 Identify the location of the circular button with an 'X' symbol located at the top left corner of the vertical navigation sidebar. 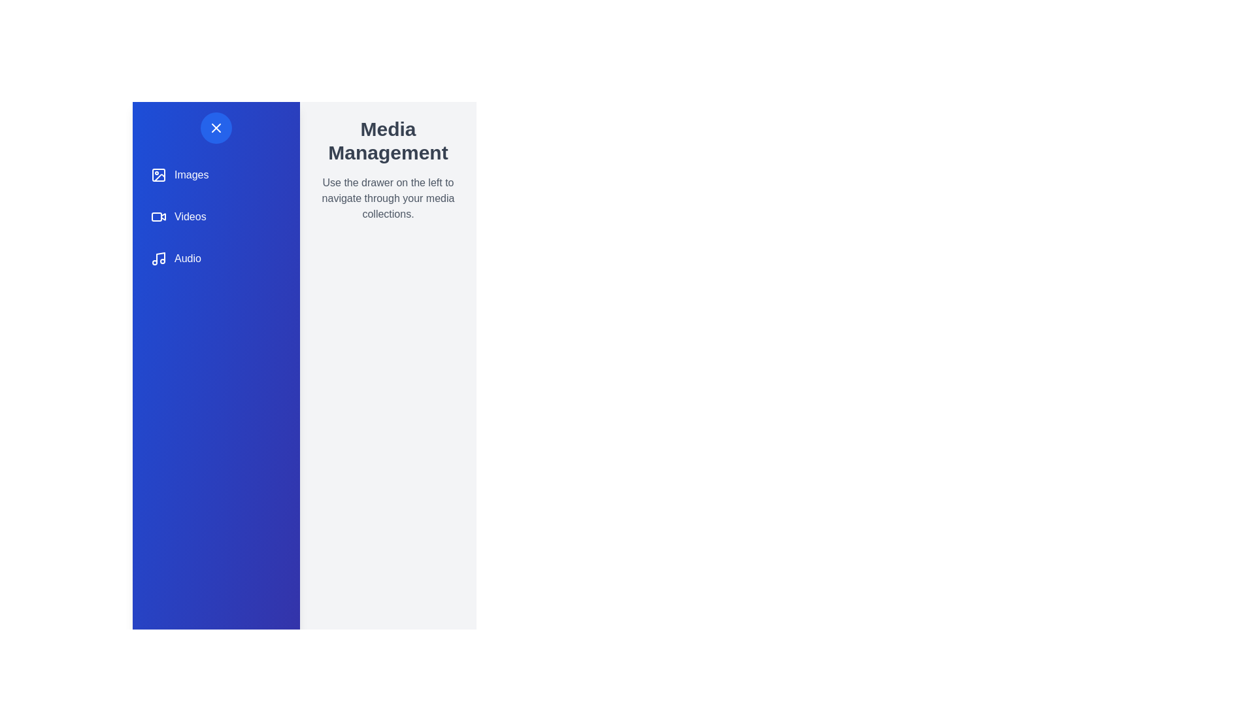
(216, 128).